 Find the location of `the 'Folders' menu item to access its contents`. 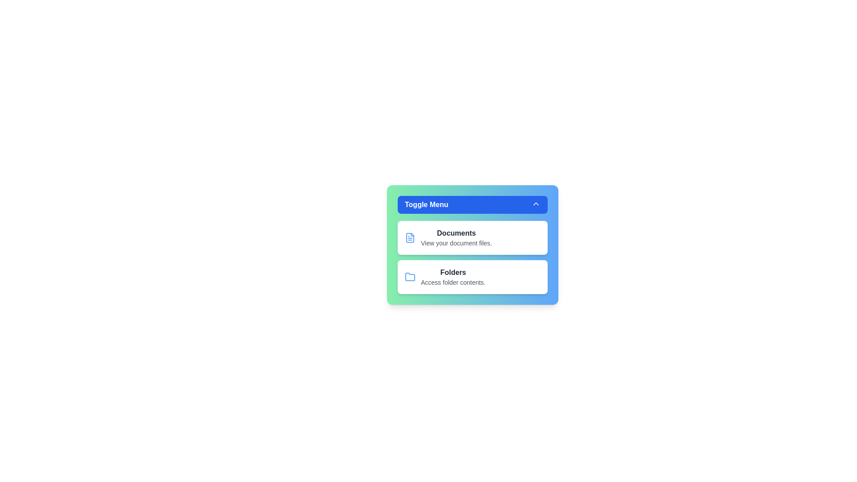

the 'Folders' menu item to access its contents is located at coordinates (472, 277).